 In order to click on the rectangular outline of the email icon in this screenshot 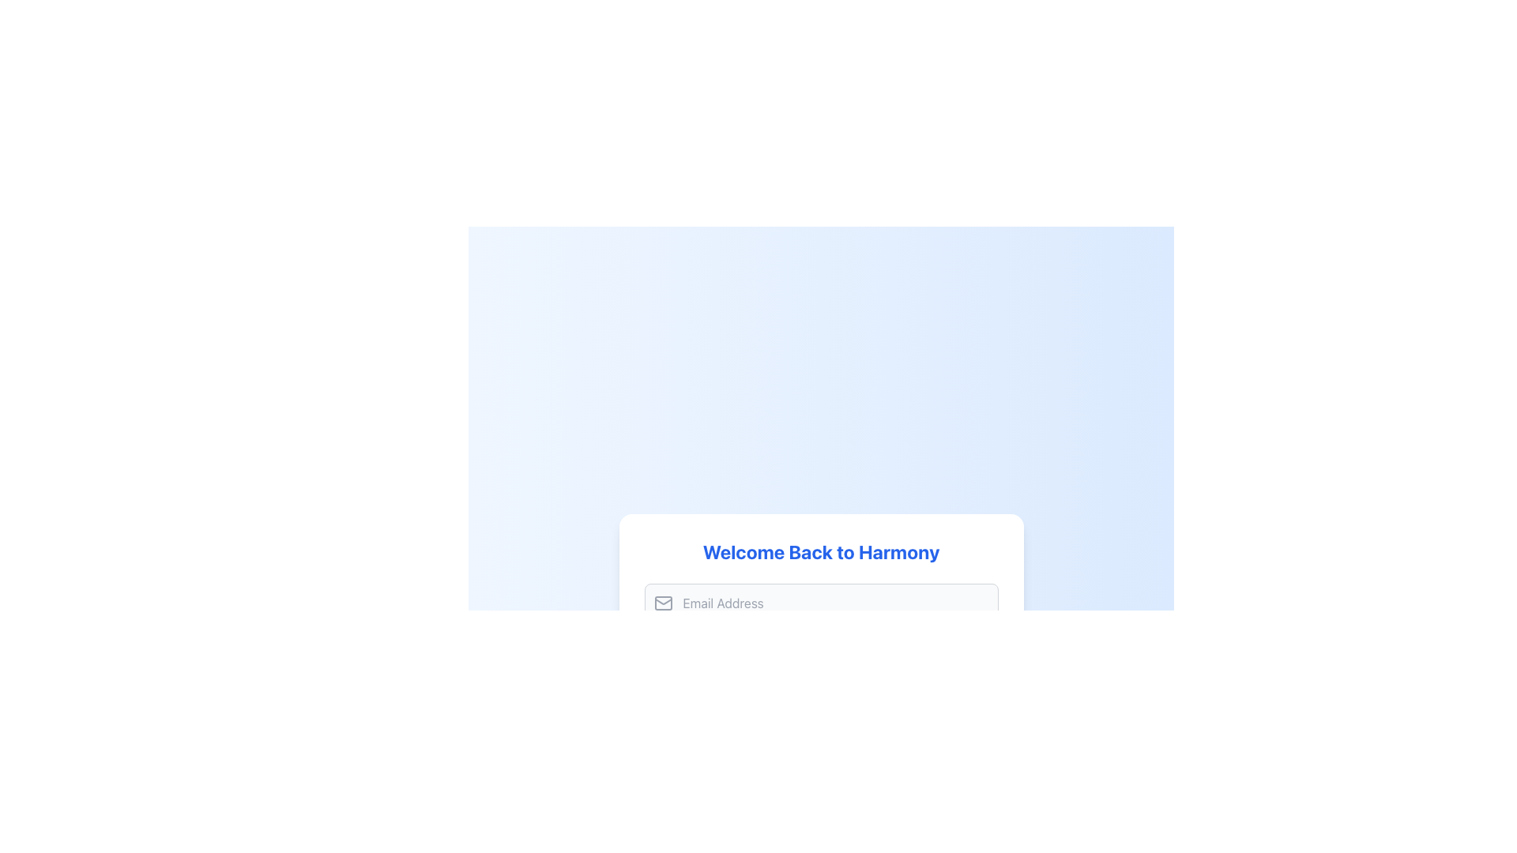, I will do `click(663, 603)`.